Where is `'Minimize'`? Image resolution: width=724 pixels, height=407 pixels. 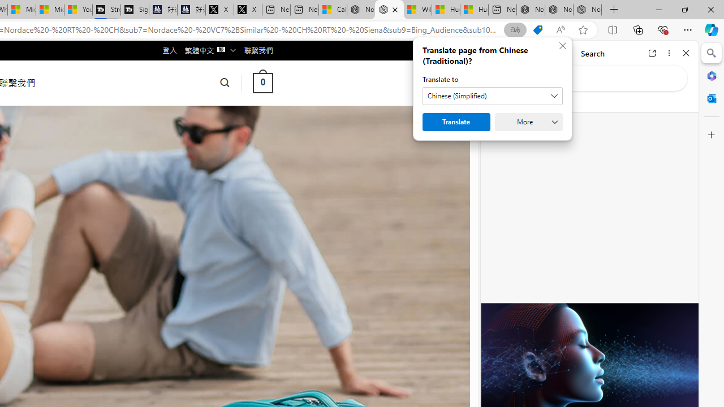 'Minimize' is located at coordinates (658, 9).